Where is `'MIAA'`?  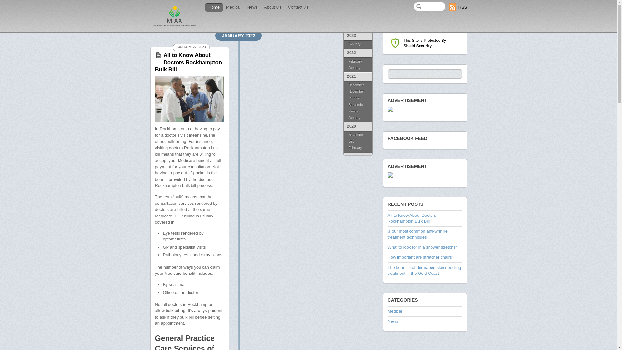 'MIAA' is located at coordinates (174, 26).